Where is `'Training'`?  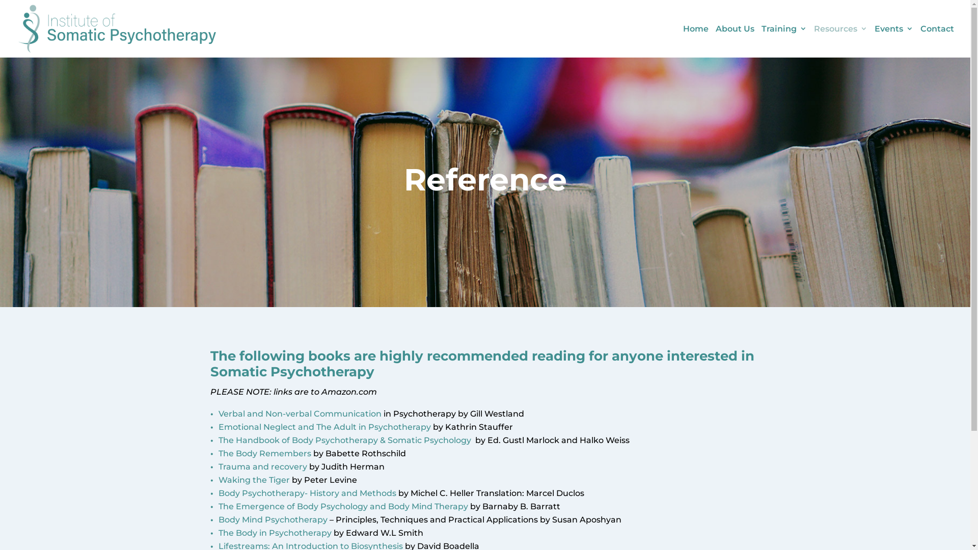
'Training' is located at coordinates (783, 41).